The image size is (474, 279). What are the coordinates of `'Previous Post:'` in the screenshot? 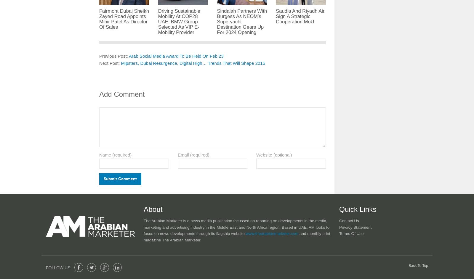 It's located at (114, 56).